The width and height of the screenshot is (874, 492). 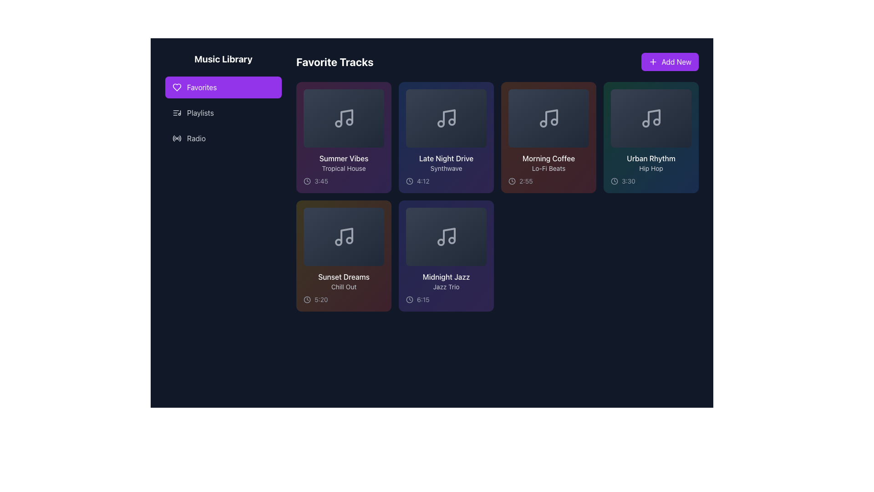 I want to click on the play button located in the upper-right corner of the 'Late Night Drive' track in the 'Favorite Tracks' section, so click(x=481, y=95).